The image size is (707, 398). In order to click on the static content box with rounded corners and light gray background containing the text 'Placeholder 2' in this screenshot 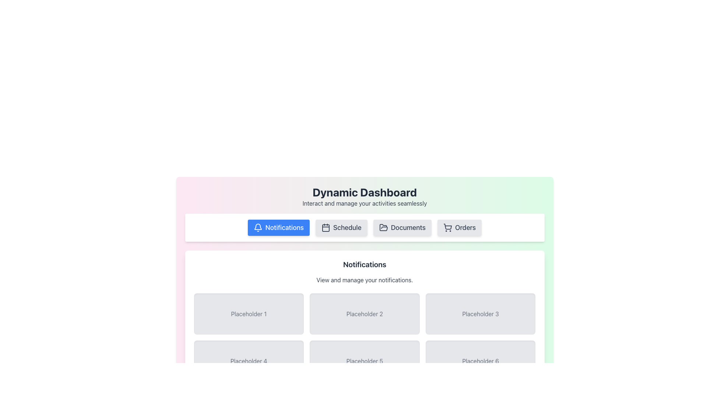, I will do `click(365, 314)`.